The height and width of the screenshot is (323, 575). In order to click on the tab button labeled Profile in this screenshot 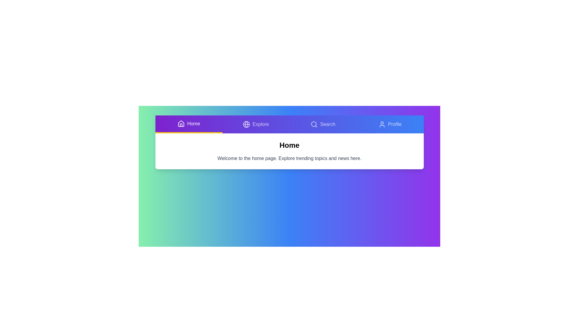, I will do `click(390, 124)`.